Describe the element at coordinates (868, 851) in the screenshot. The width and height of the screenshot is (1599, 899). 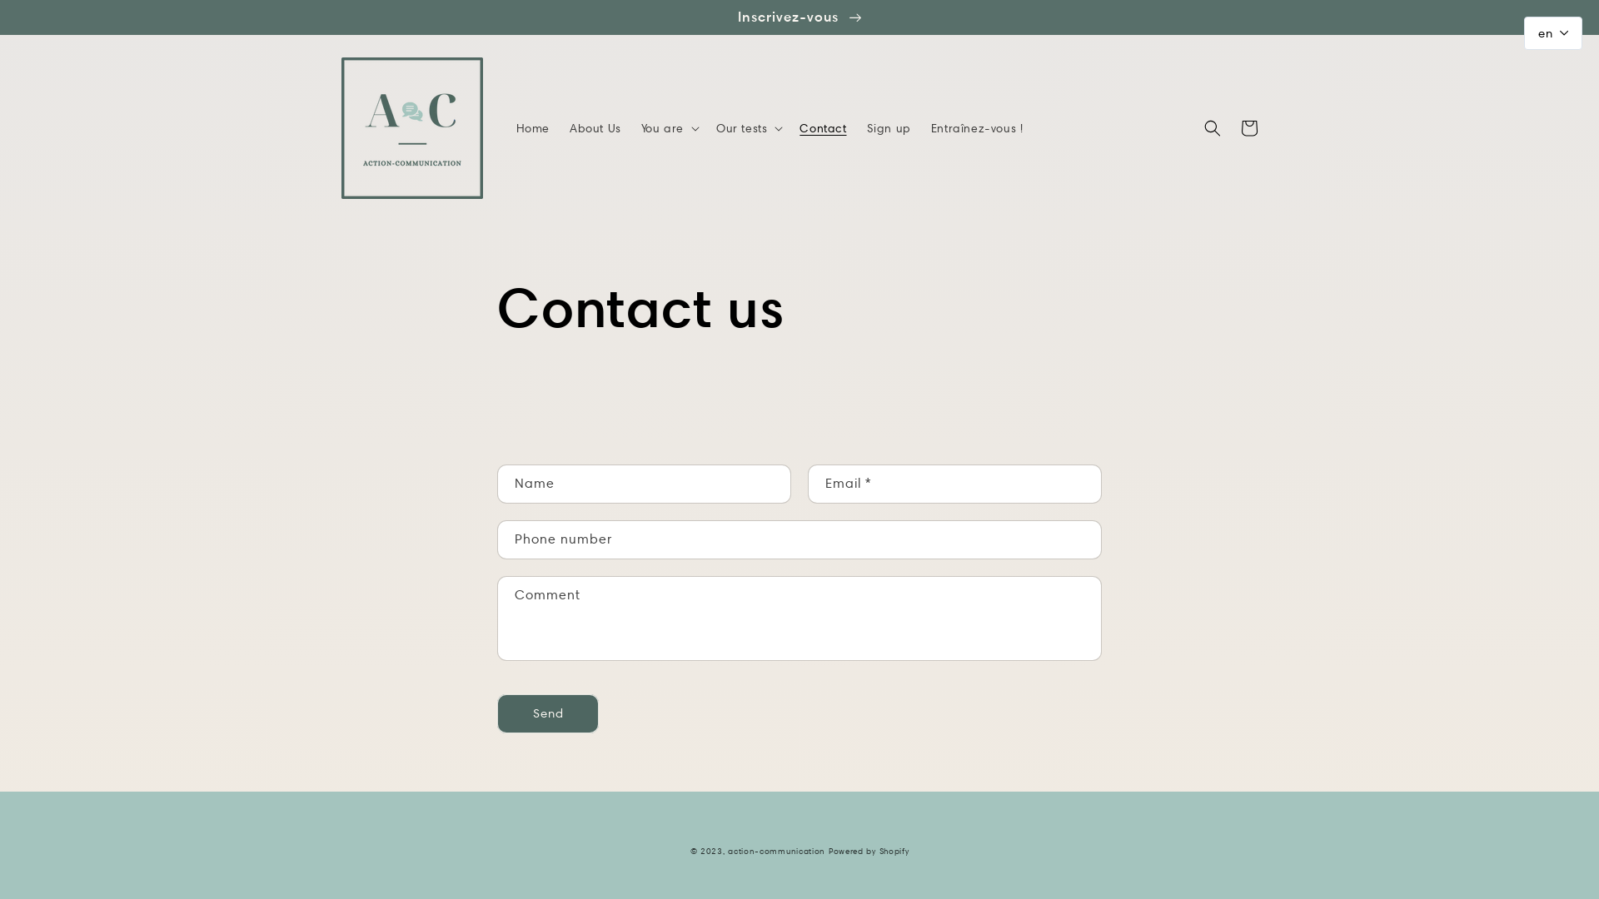
I see `'Powered by Shopify'` at that location.